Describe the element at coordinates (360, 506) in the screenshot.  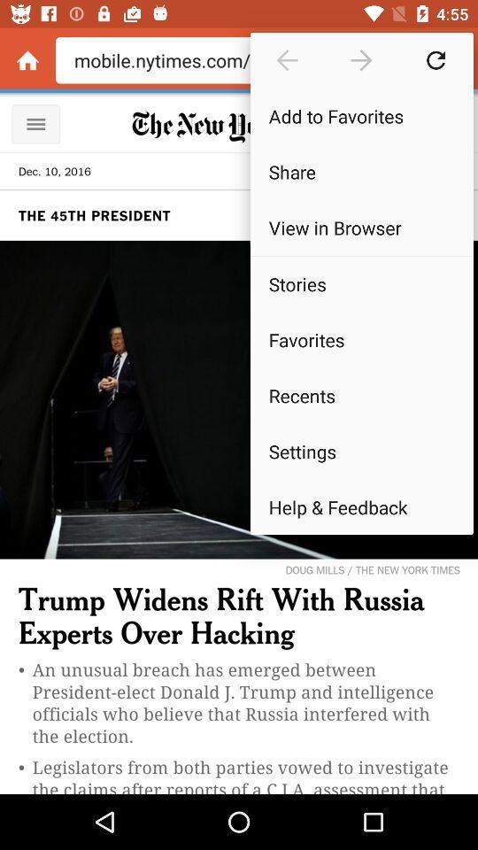
I see `icon below settings item` at that location.